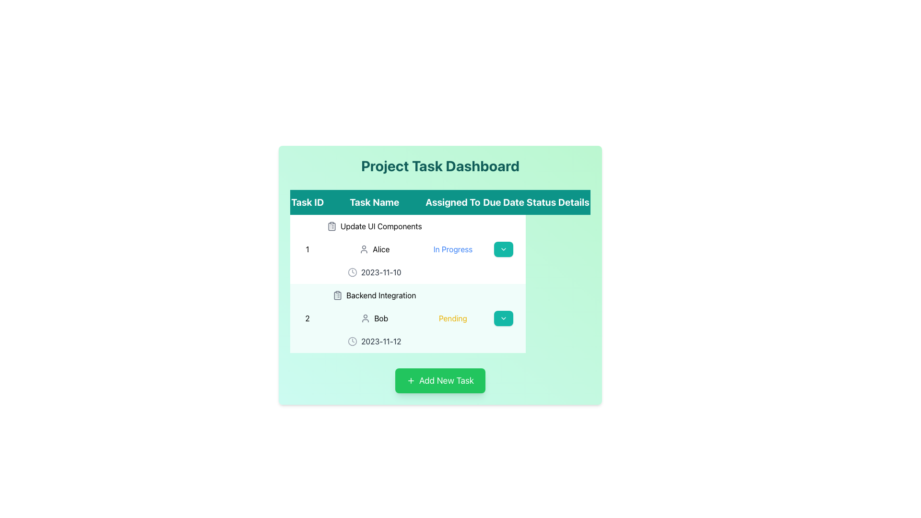  I want to click on the date text label displaying '2023-11-12' in the task details table, so click(380, 341).